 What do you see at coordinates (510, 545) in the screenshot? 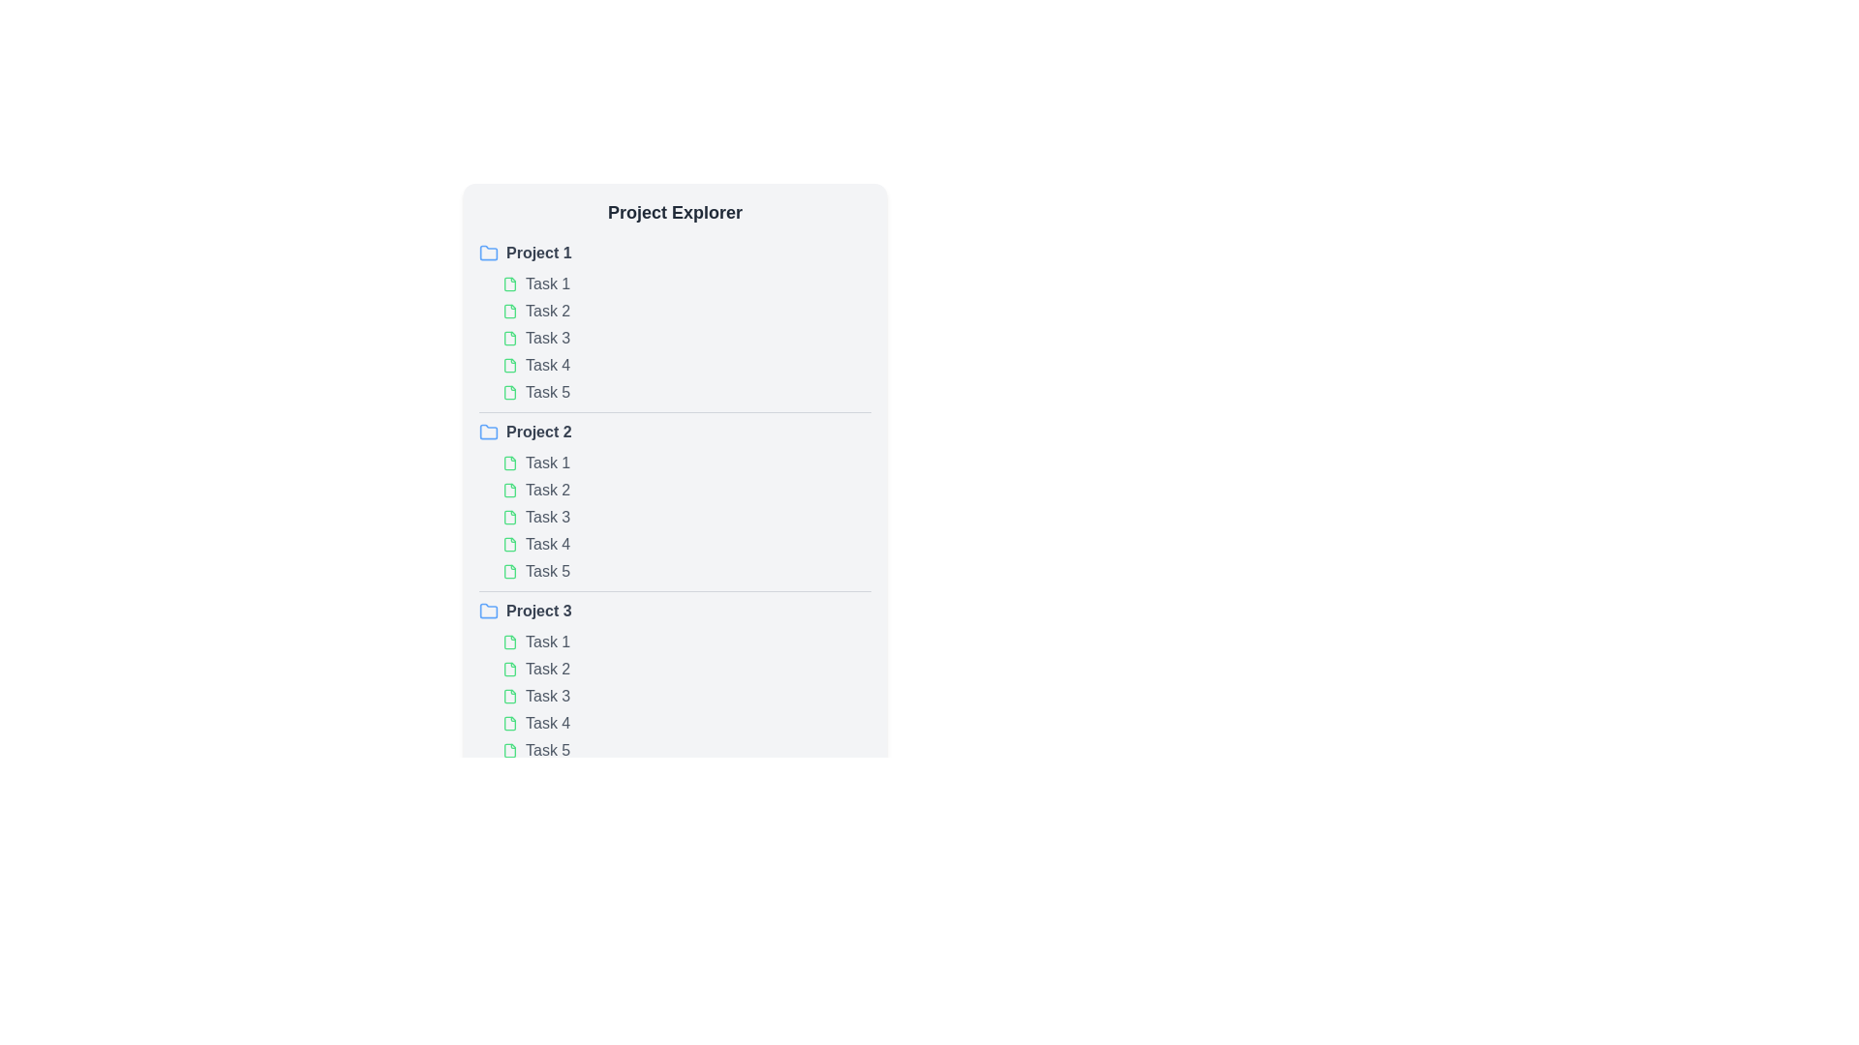
I see `the Graphic icon indicating a file or document associated with the task next to the text label 'Task 4' in the 'Project 2' group` at bounding box center [510, 545].